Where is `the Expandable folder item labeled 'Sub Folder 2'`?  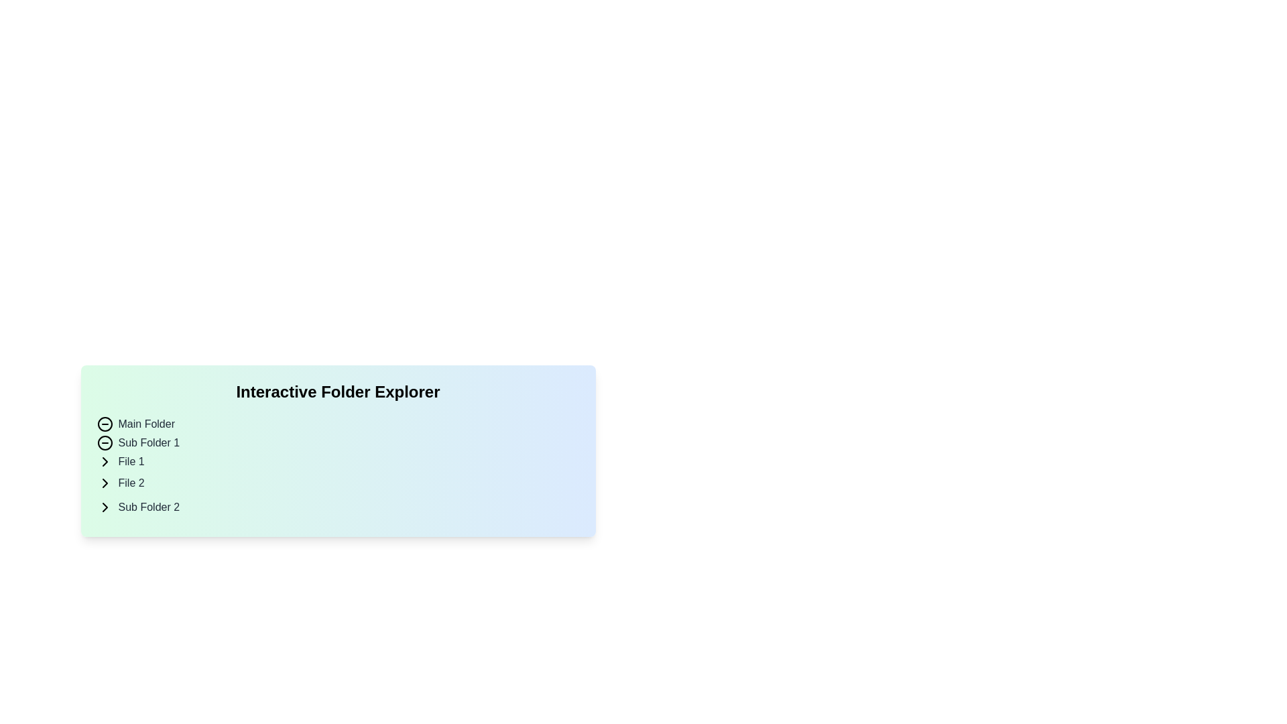 the Expandable folder item labeled 'Sub Folder 2' is located at coordinates (338, 507).